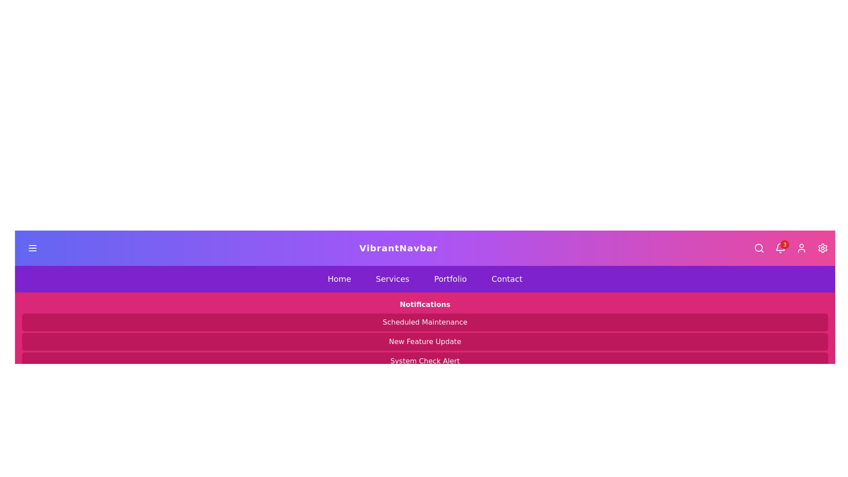  Describe the element at coordinates (758, 248) in the screenshot. I see `the search icon button represented as a magnifying glass located in the navigation bar` at that location.